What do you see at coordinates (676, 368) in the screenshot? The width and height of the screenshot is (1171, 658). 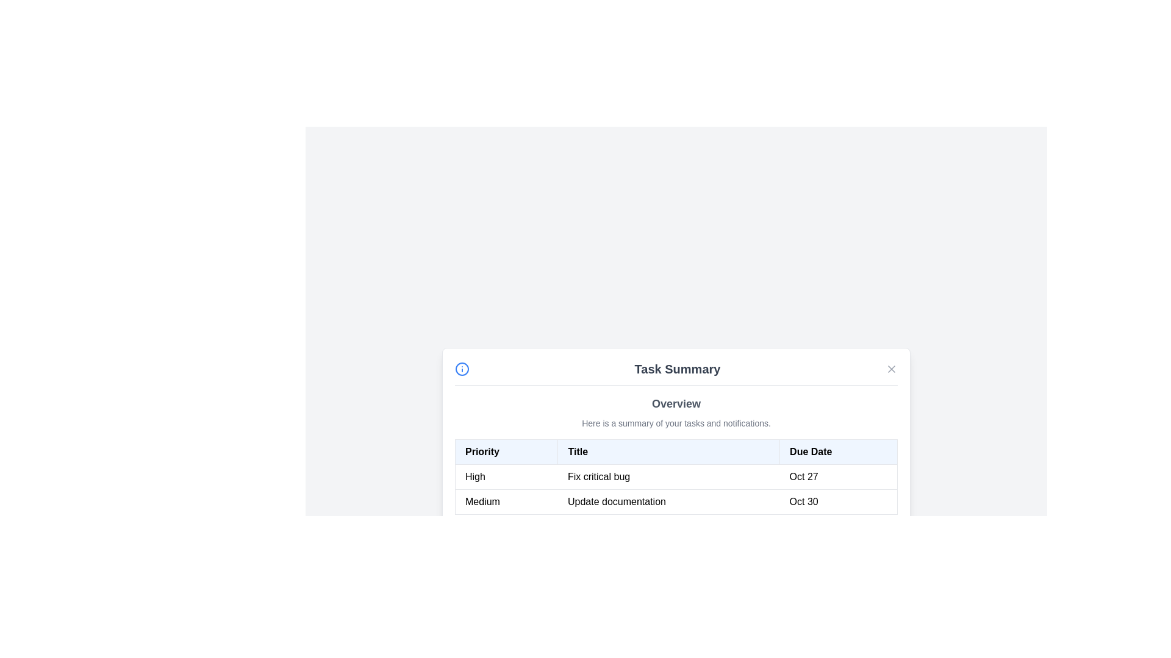 I see `the 'Task Summary' header text label which is centrally positioned at the top of the section, indicating the content below` at bounding box center [676, 368].